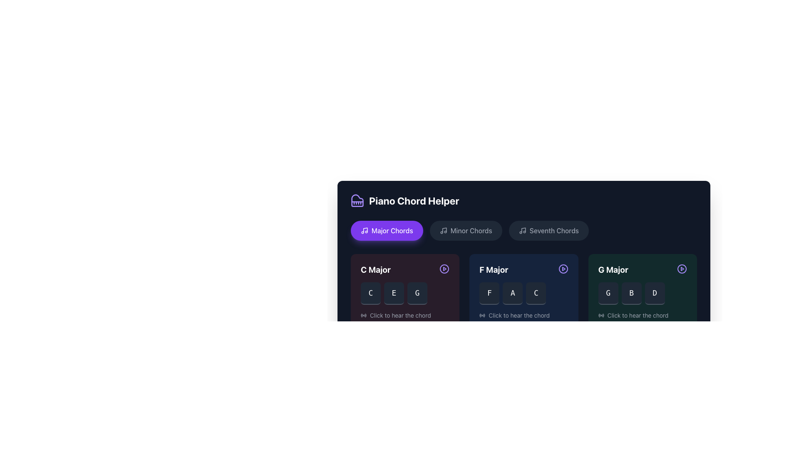 This screenshot has width=799, height=449. I want to click on the vertical line segment of the musical note icon located near the top left corner of the interface, so click(444, 230).